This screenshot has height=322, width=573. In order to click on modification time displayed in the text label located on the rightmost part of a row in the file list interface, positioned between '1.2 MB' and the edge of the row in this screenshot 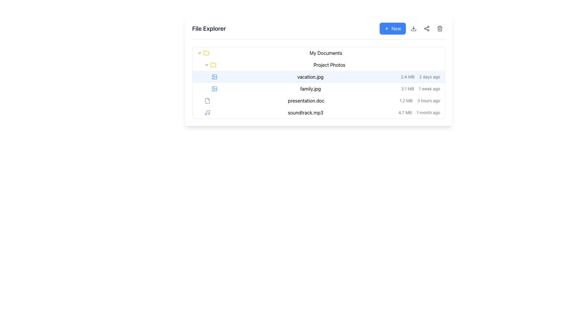, I will do `click(428, 100)`.